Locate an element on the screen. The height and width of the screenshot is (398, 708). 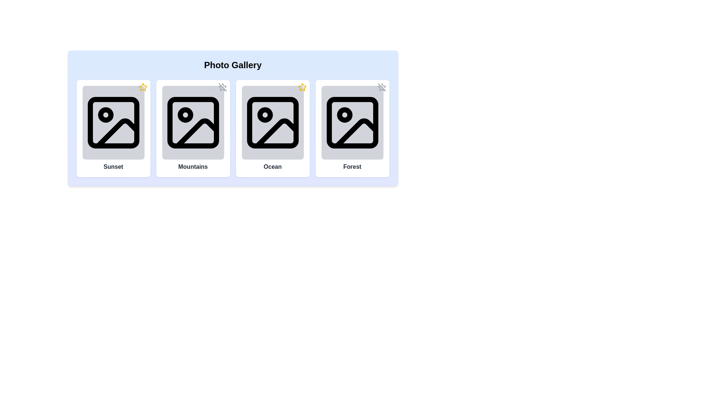
the photo card labeled Mountains is located at coordinates (193, 128).